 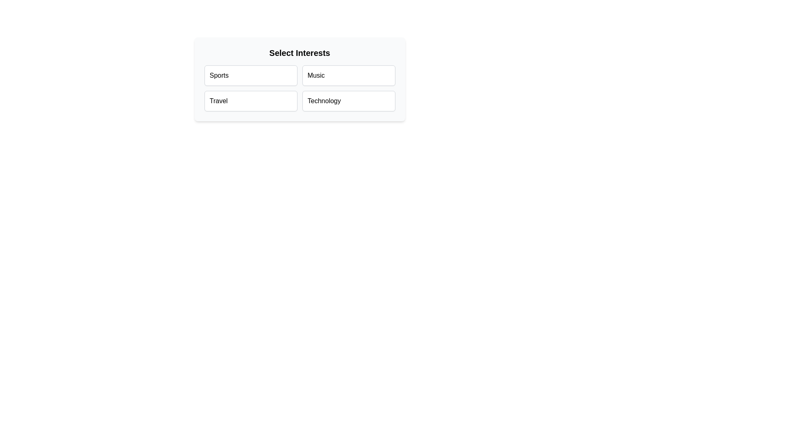 I want to click on the chip labeled Travel, so click(x=250, y=101).